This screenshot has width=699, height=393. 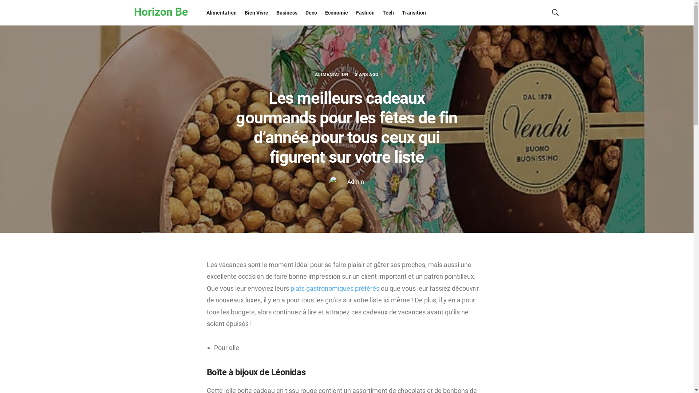 What do you see at coordinates (256, 12) in the screenshot?
I see `'Bien Vivre'` at bounding box center [256, 12].